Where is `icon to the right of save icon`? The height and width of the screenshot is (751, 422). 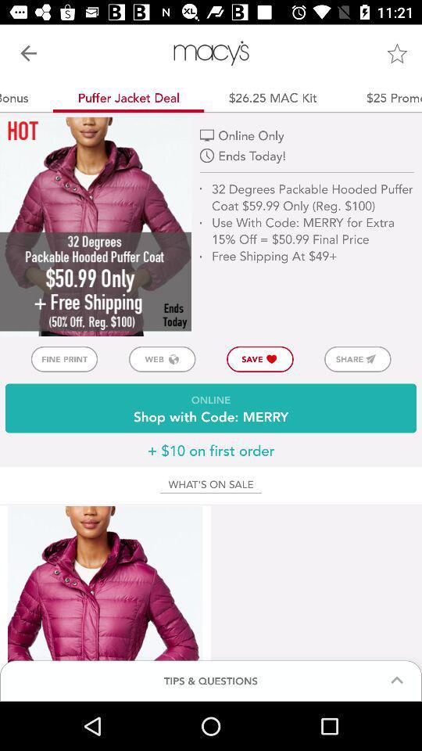
icon to the right of save icon is located at coordinates (357, 359).